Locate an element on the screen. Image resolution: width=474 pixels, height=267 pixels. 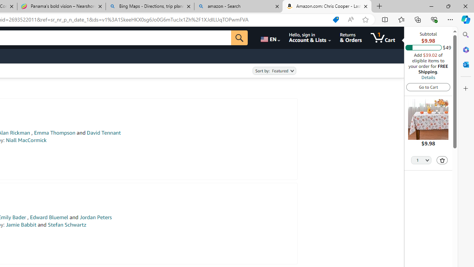
'Delete' is located at coordinates (442, 159).